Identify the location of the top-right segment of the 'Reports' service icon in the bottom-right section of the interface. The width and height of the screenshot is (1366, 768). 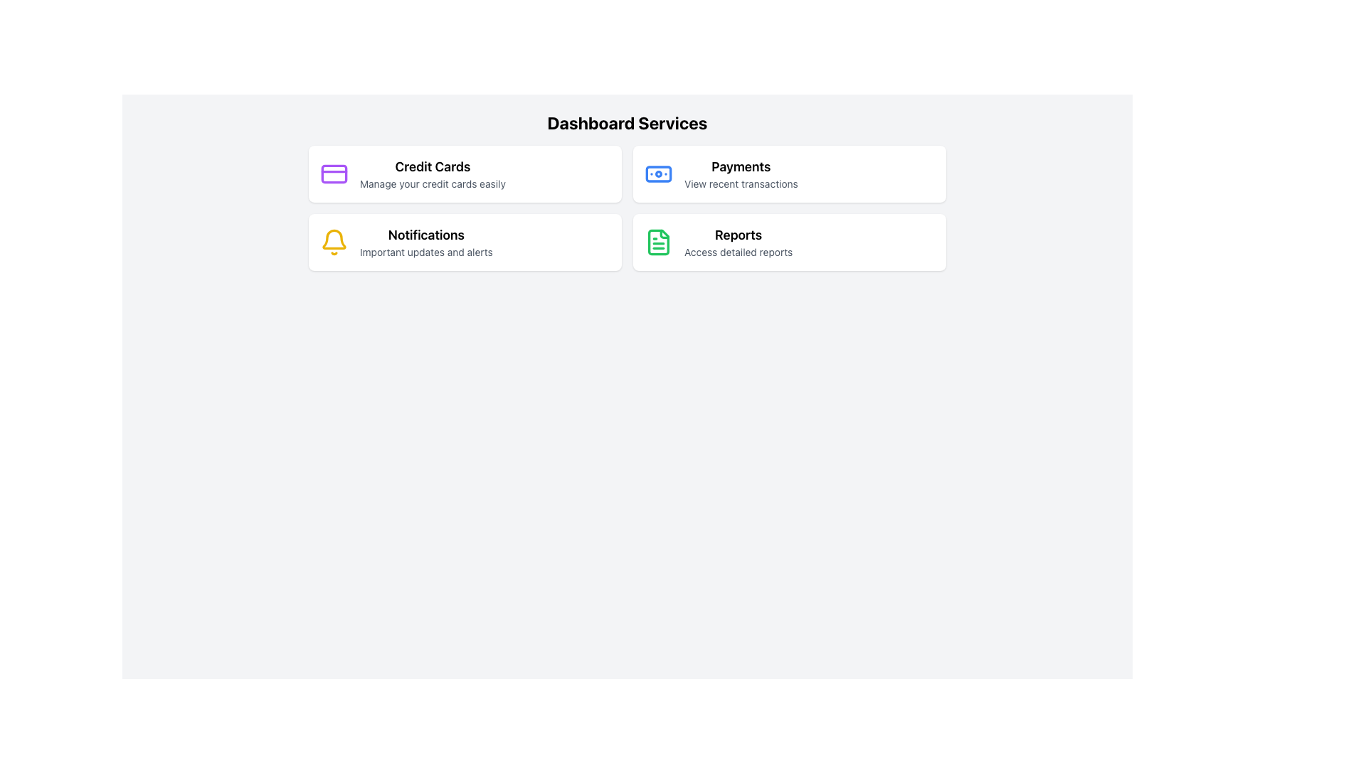
(664, 233).